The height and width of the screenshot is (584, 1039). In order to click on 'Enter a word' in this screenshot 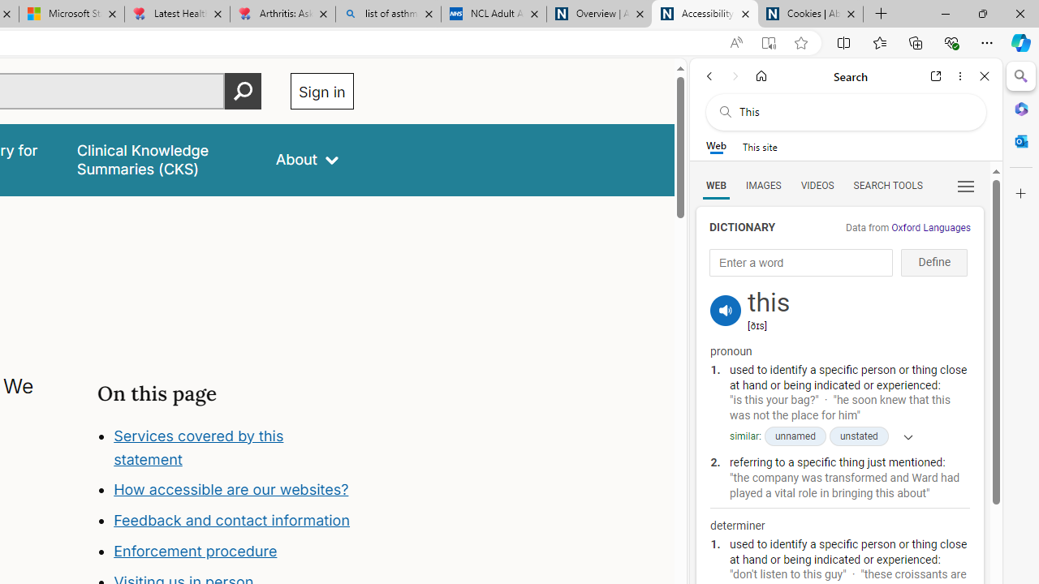, I will do `click(801, 262)`.